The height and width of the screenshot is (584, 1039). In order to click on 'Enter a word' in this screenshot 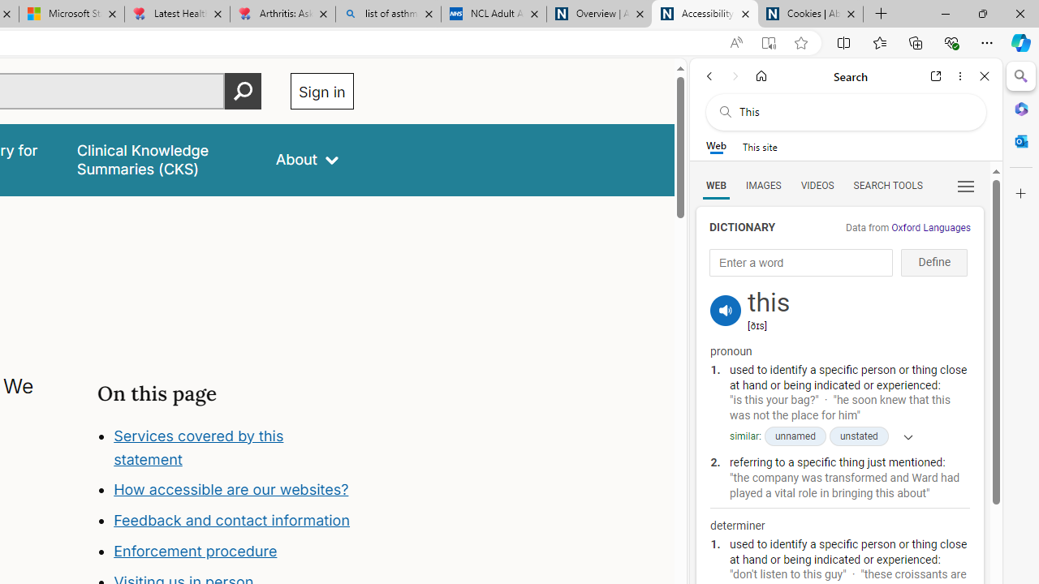, I will do `click(801, 262)`.